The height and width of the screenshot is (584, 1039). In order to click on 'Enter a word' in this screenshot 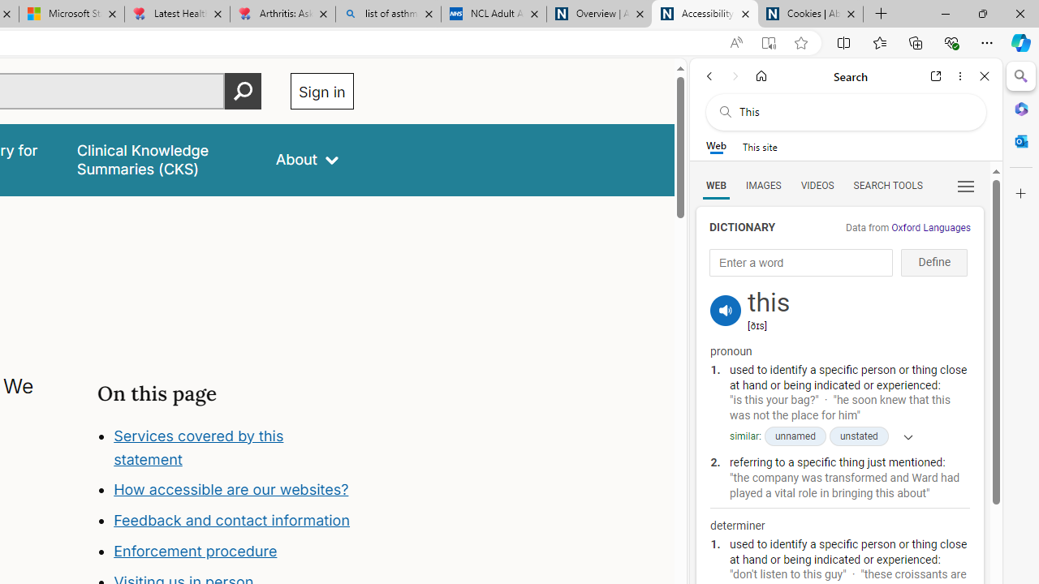, I will do `click(801, 262)`.